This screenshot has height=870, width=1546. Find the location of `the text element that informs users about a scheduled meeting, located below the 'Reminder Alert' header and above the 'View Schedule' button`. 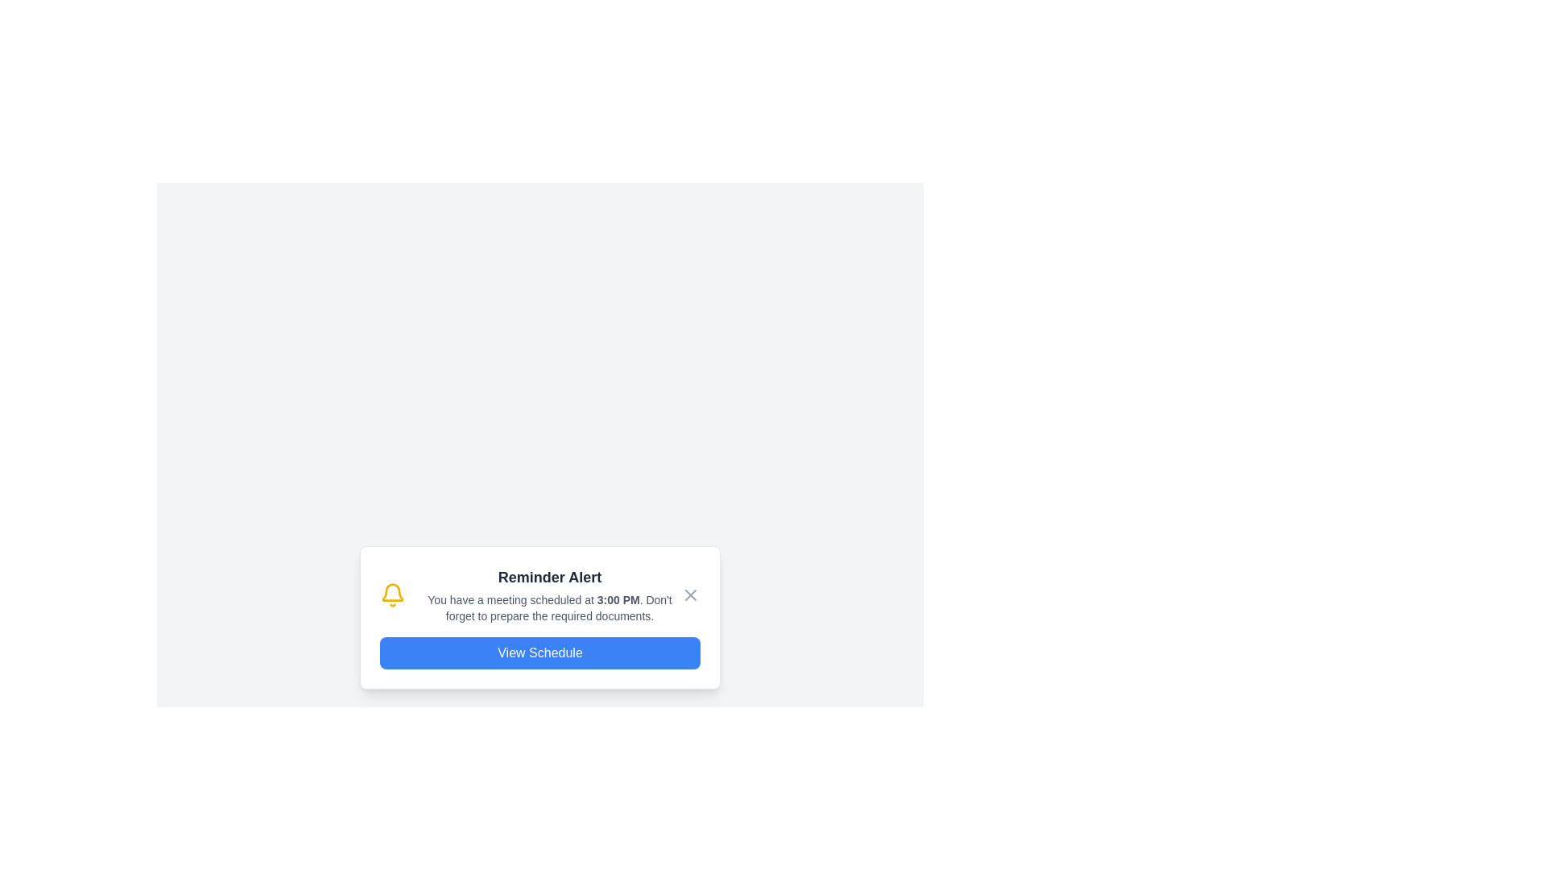

the text element that informs users about a scheduled meeting, located below the 'Reminder Alert' header and above the 'View Schedule' button is located at coordinates (549, 608).